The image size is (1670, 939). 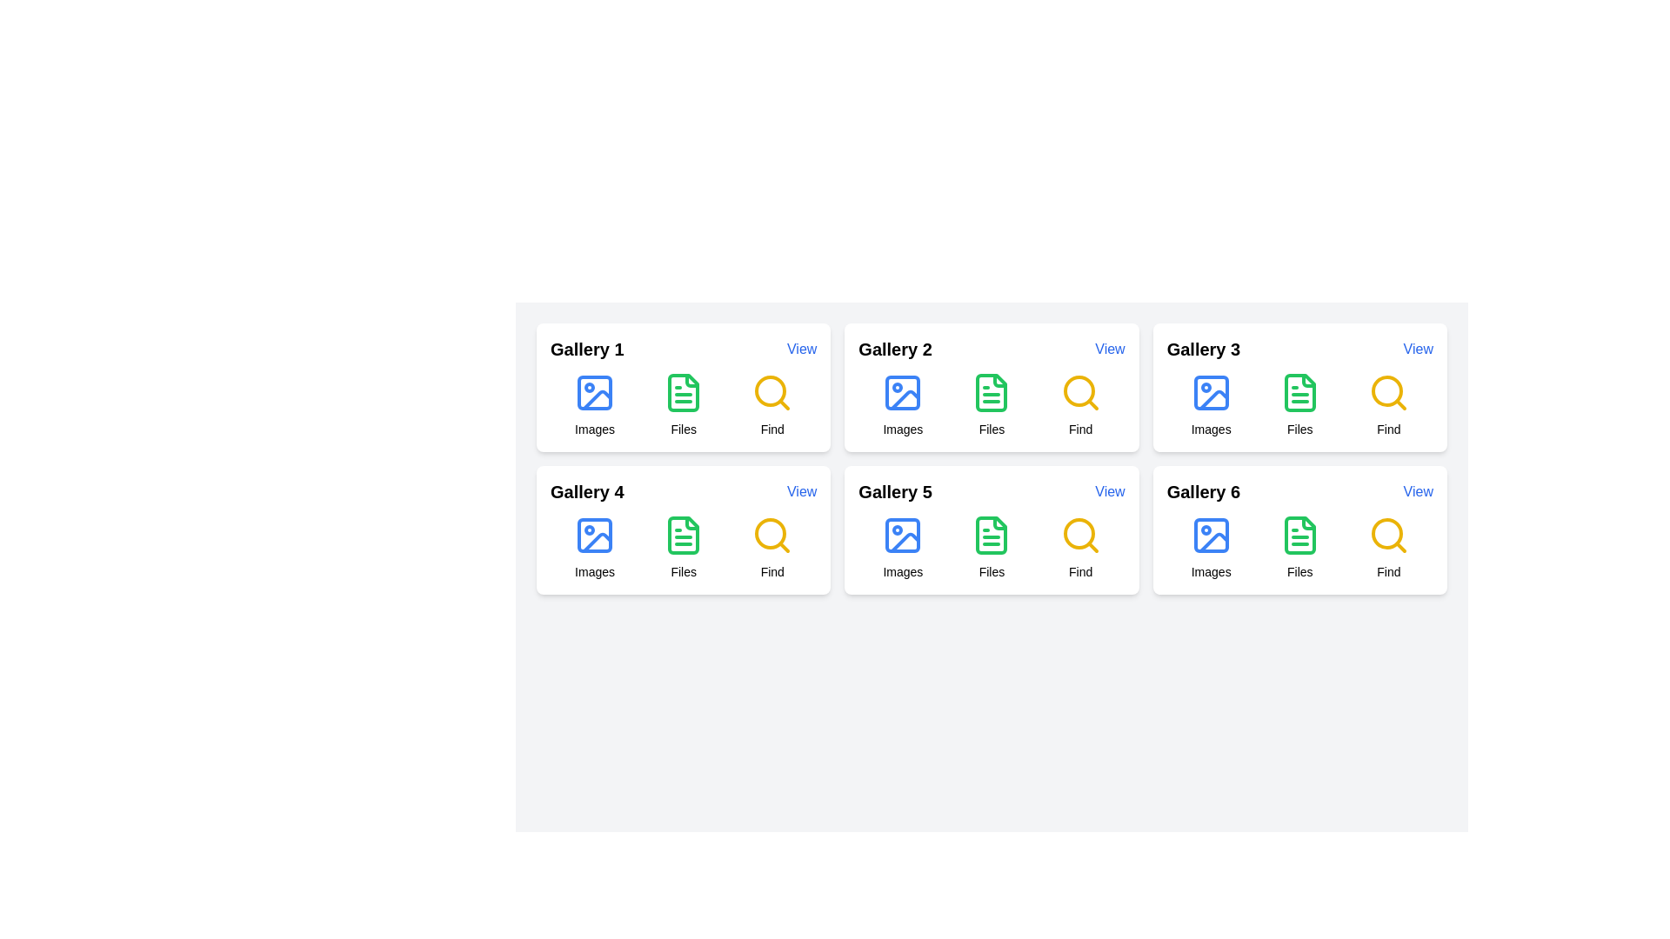 I want to click on the Icon labeled 'Gallery 6' located in the bottom row of the grid, so click(x=1299, y=546).